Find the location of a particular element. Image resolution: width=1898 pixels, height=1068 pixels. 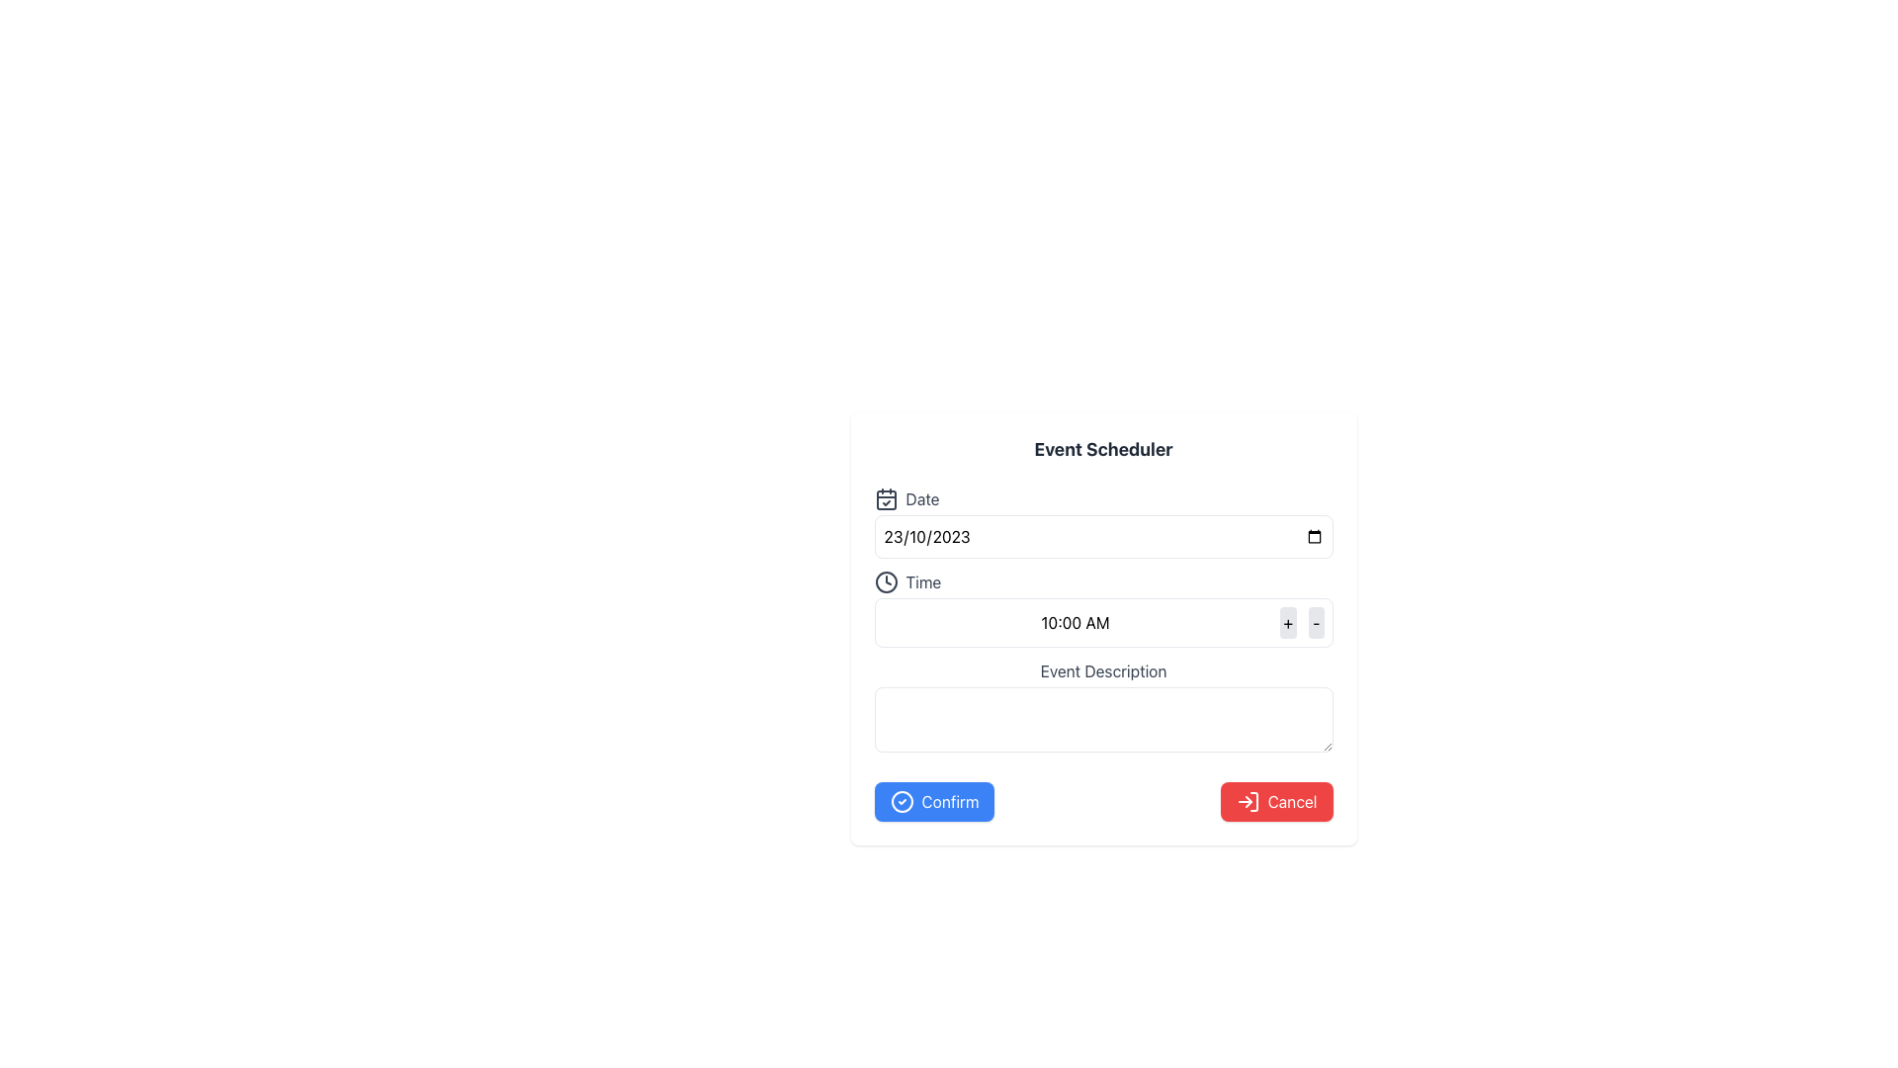

the rounded rectangle element that is part of the calendar icon, located to the right of the 'Date' label in the 'Event Scheduler' form is located at coordinates (885, 498).